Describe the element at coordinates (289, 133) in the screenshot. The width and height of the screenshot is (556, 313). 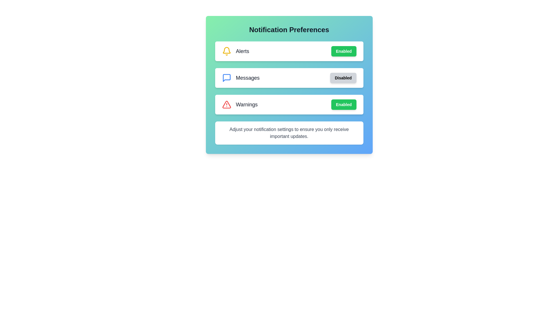
I see `the text element containing the notification settings description` at that location.